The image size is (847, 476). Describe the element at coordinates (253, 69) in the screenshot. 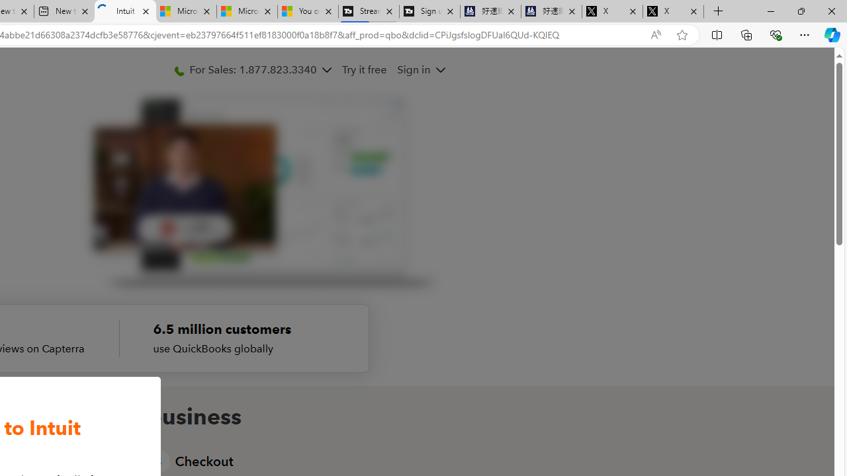

I see `'For Sales: 1.877.823.3340'` at that location.